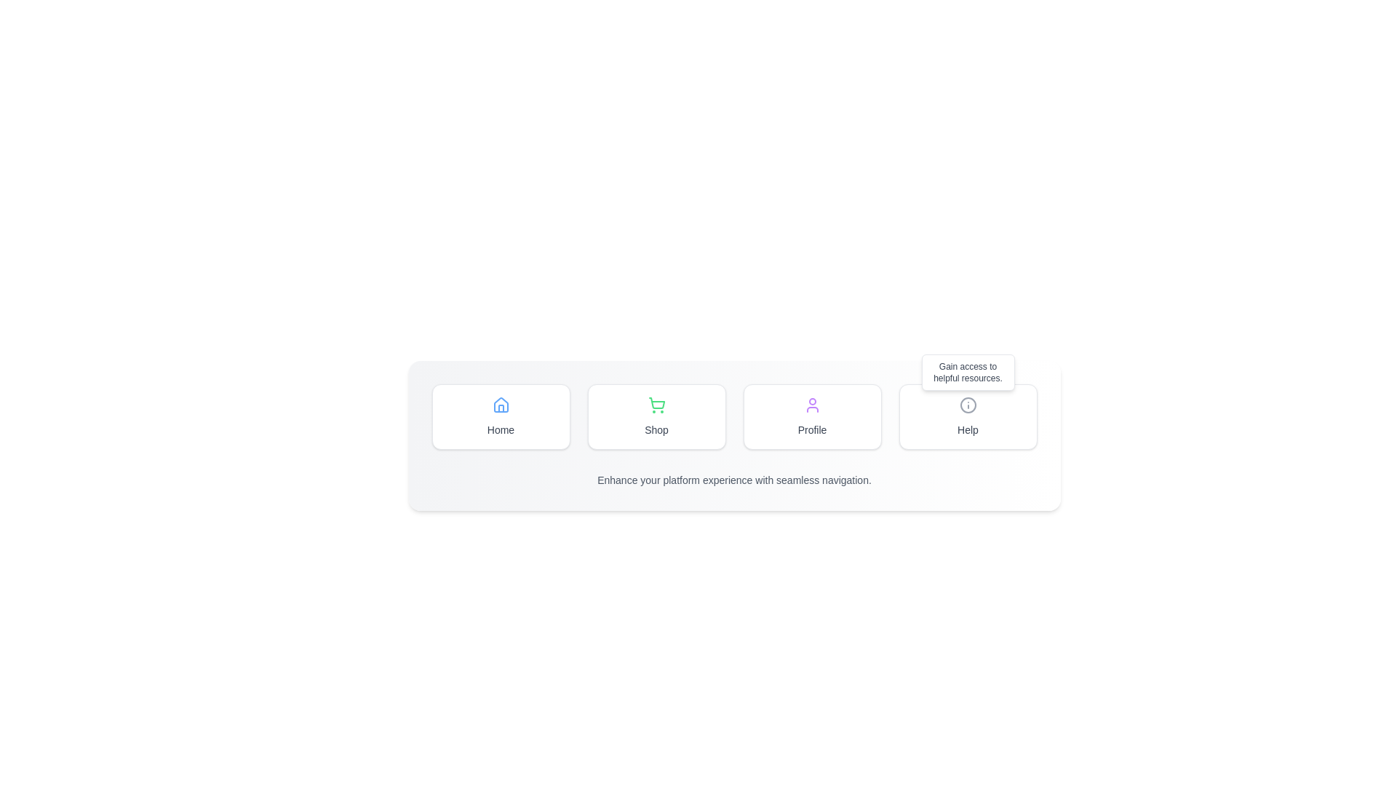  I want to click on the circular 'i' icon in the top-center of the fourth 'Help' card, so click(968, 405).